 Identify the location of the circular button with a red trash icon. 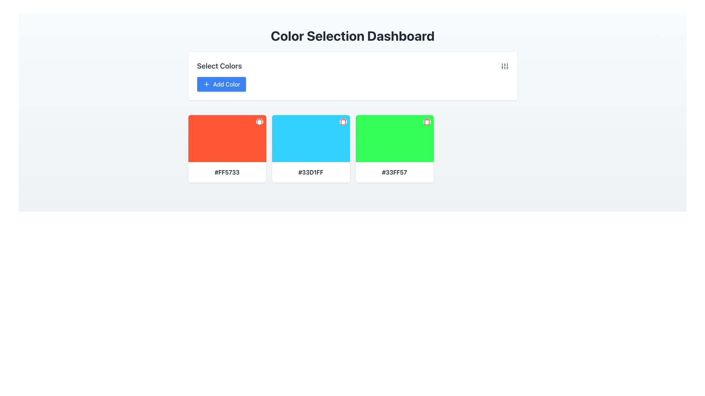
(427, 121).